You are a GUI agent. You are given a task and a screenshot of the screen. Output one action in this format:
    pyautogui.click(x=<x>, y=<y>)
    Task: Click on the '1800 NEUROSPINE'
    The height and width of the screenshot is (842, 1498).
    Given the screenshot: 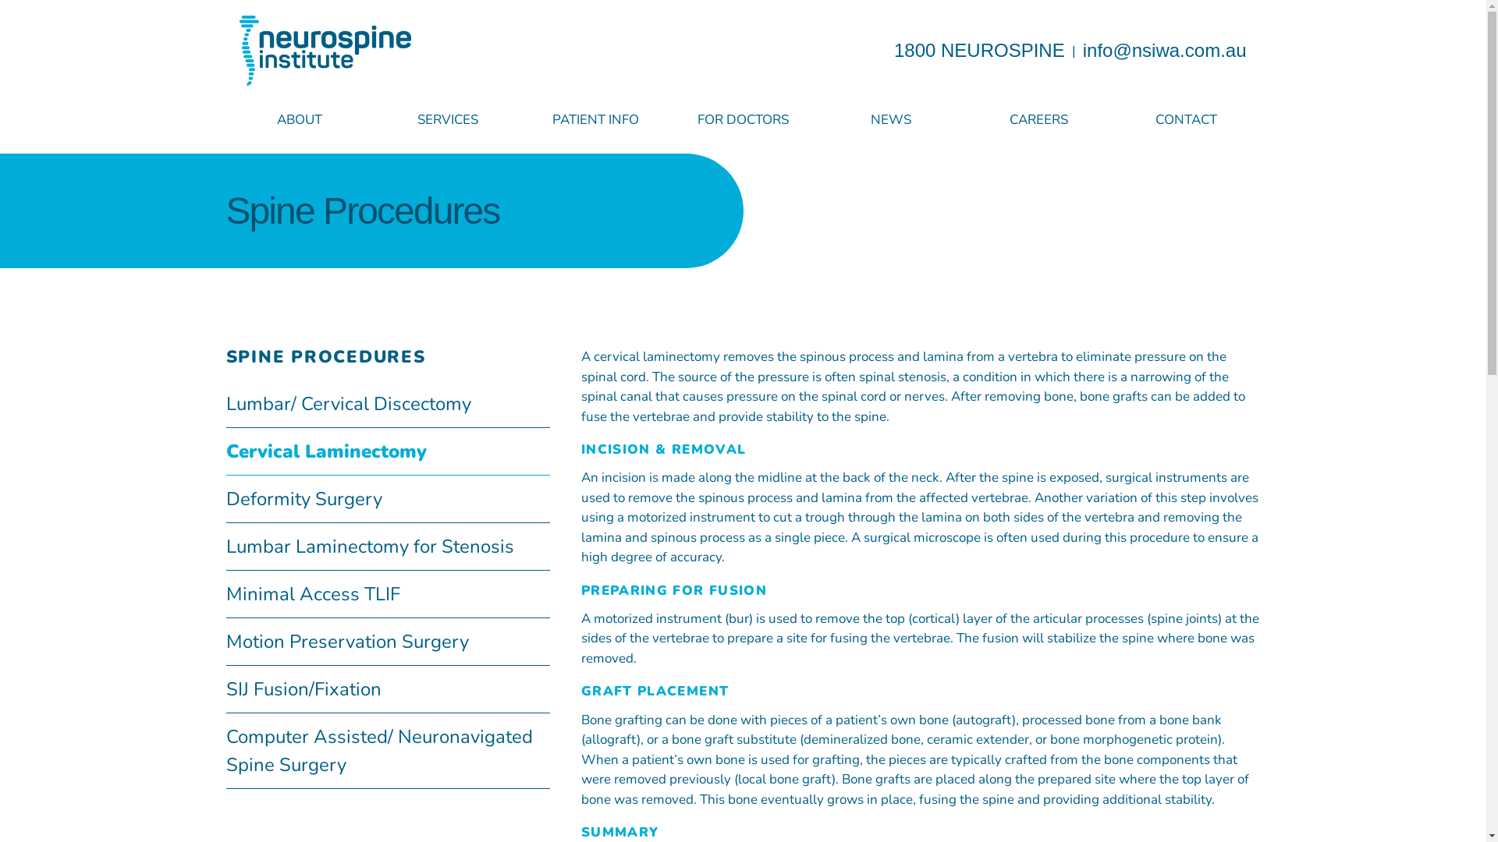 What is the action you would take?
    pyautogui.click(x=978, y=48)
    